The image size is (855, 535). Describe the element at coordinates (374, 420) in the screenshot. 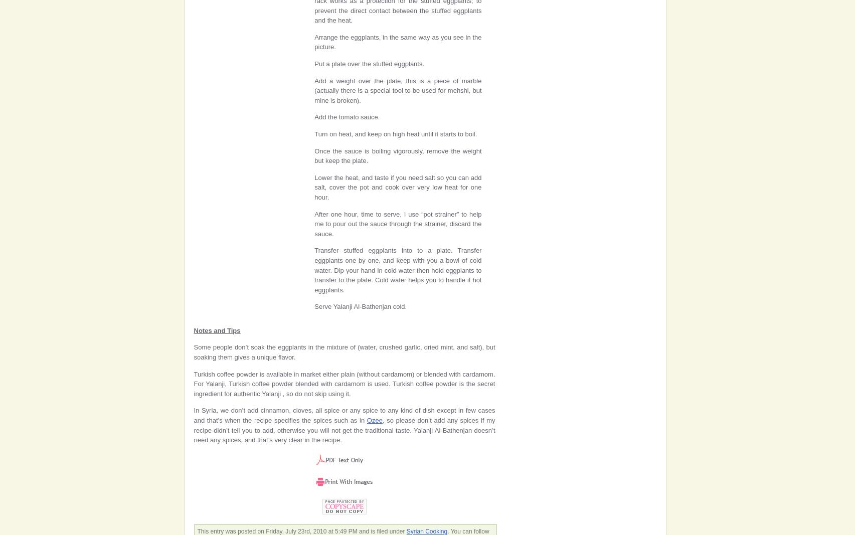

I see `'Ozee'` at that location.